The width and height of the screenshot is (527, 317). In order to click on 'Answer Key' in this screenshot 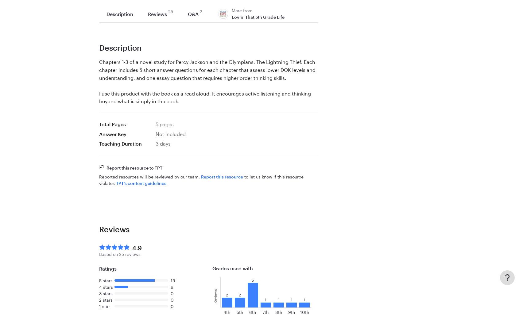, I will do `click(99, 133)`.